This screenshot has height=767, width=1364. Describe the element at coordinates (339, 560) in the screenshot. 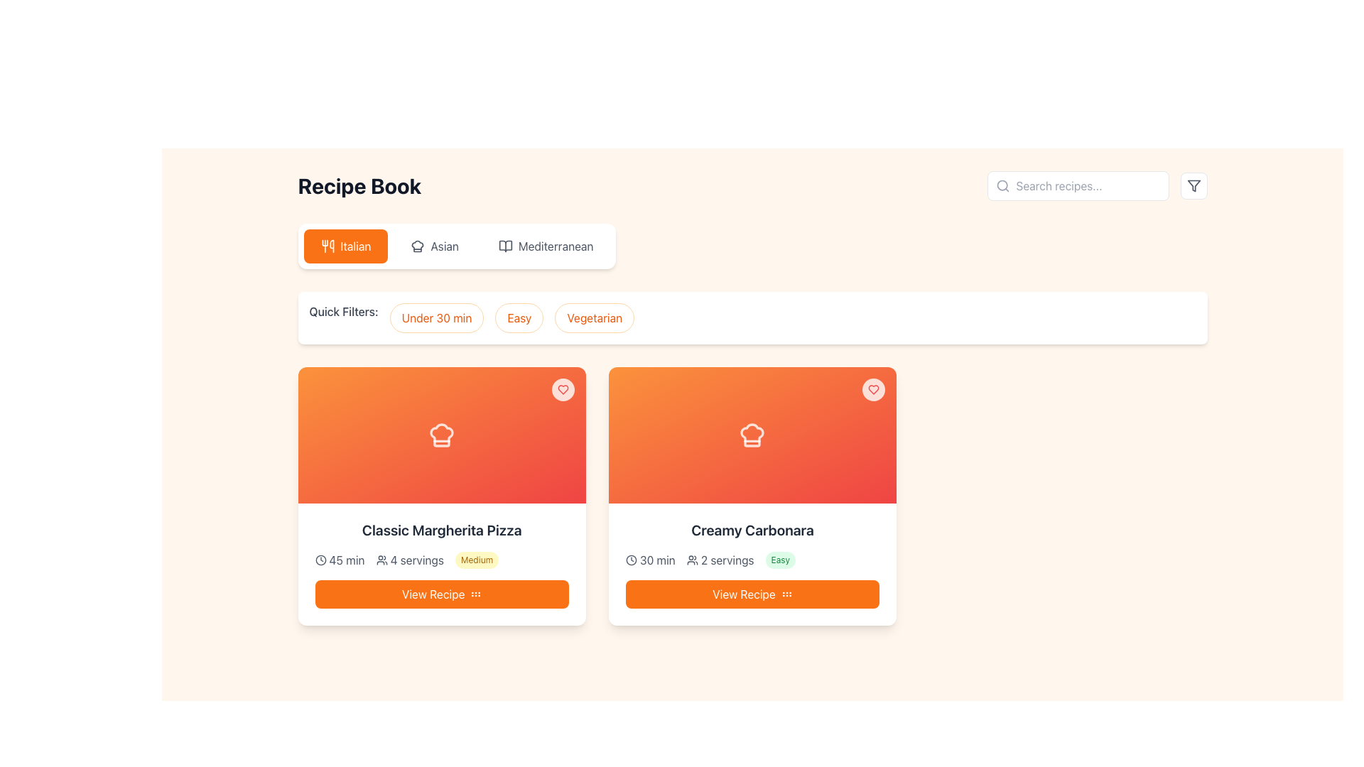

I see `preparation time information displayed by the icon-text pair located in the bottom left area of the 'Classic Margherita Pizza' card, positioned before '4 servings' and 'Medium'` at that location.